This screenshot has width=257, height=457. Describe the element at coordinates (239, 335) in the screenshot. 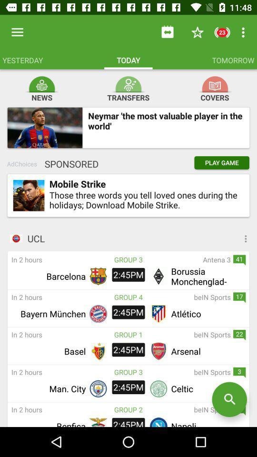

I see `the 22 item` at that location.